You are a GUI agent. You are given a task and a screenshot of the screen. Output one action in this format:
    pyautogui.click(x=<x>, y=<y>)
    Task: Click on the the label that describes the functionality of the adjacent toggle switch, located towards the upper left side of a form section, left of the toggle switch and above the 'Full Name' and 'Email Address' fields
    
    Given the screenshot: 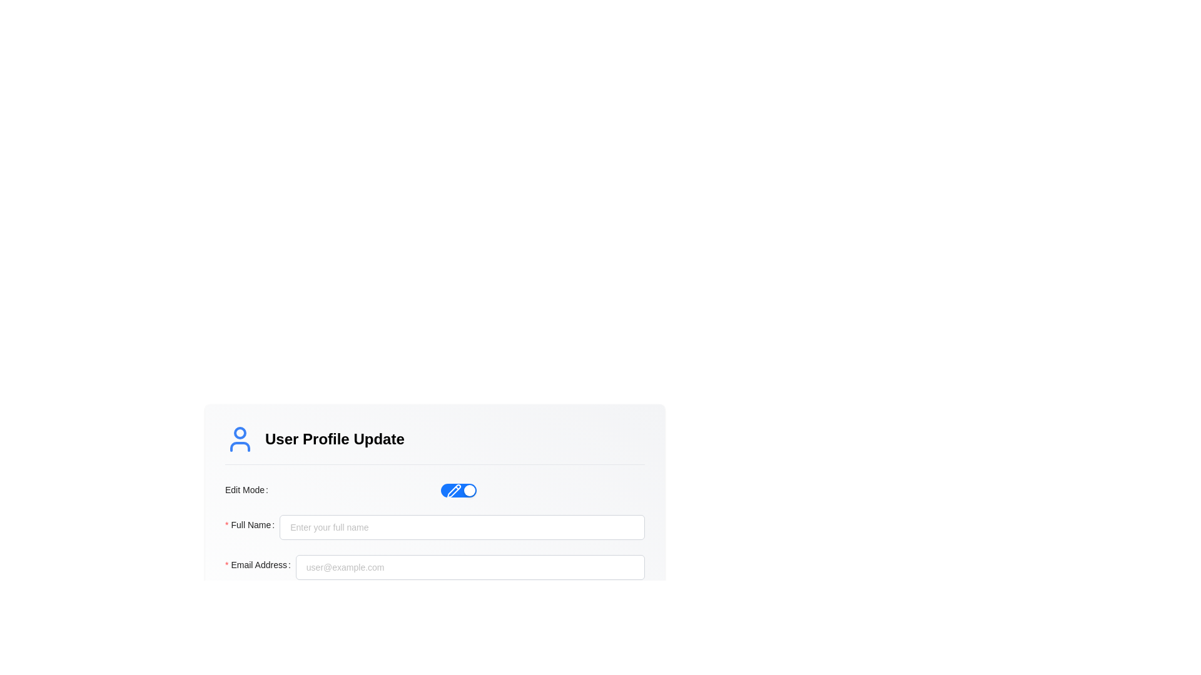 What is the action you would take?
    pyautogui.click(x=249, y=489)
    